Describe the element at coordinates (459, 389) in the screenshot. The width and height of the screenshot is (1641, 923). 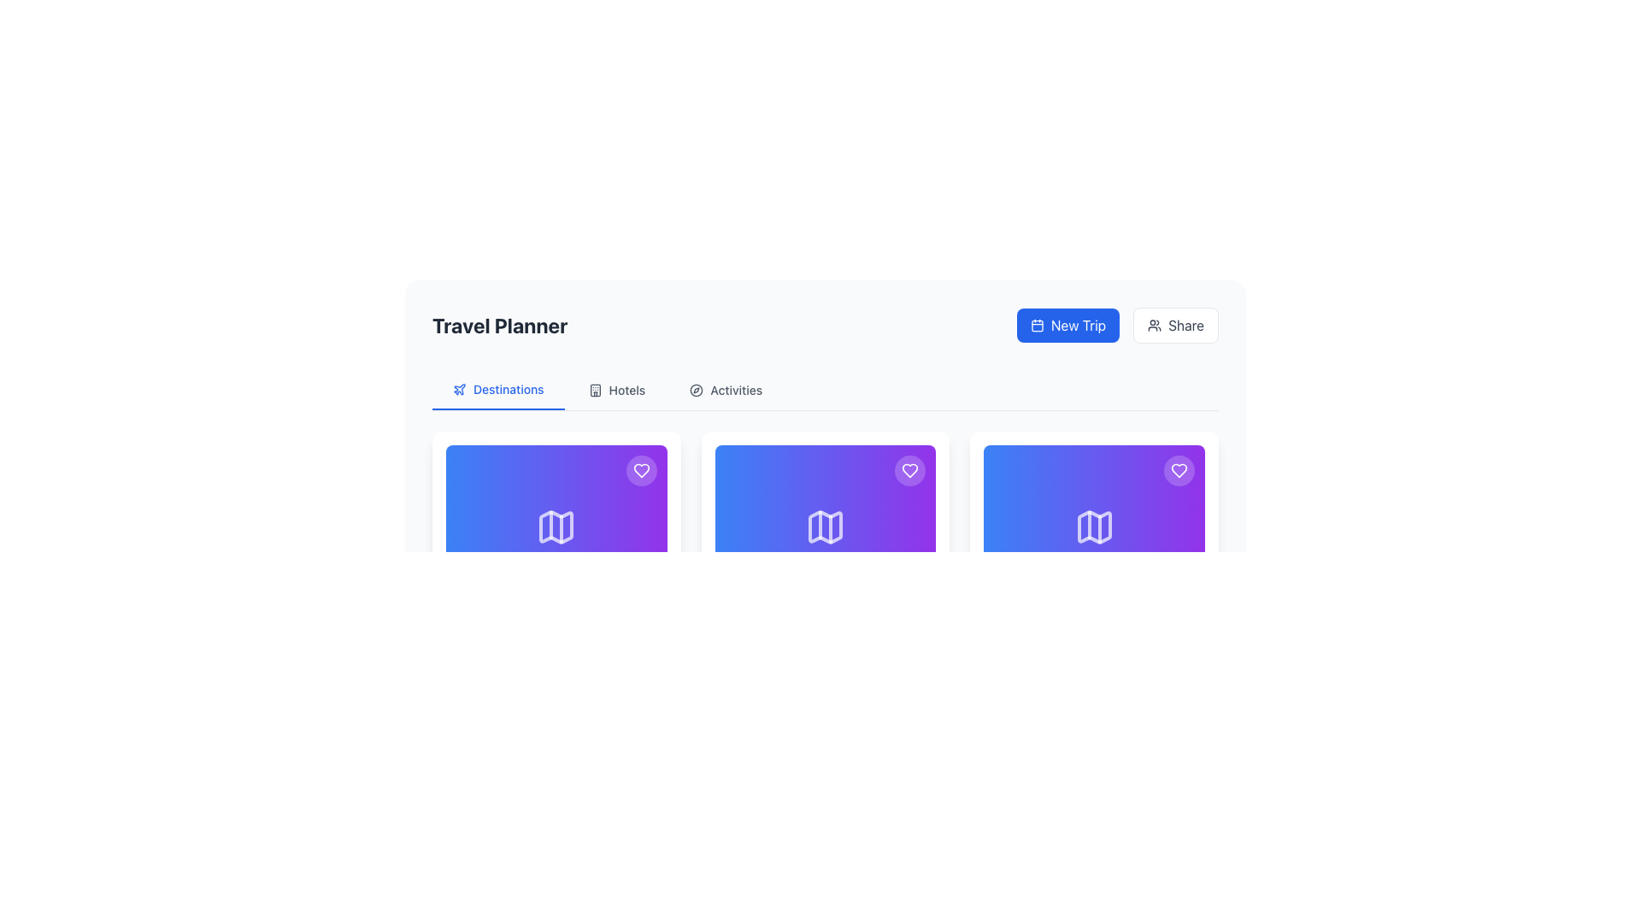
I see `the small blue airplane icon with a line-art design located to the left of the 'Destinations' text label in the navigation bar` at that location.